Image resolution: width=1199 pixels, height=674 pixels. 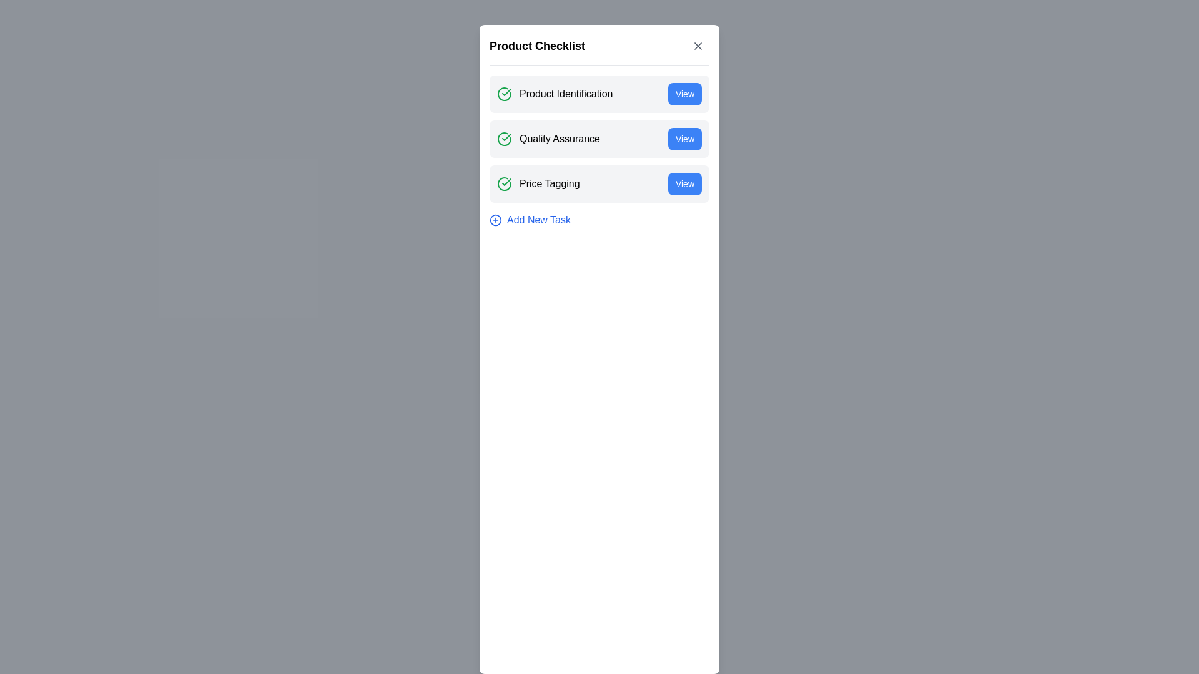 What do you see at coordinates (538, 183) in the screenshot?
I see `the completed task row labeled 'Price Tagging', which is visually indicated by its status icon and is positioned between 'Quality Assurance' and the 'View' button` at bounding box center [538, 183].